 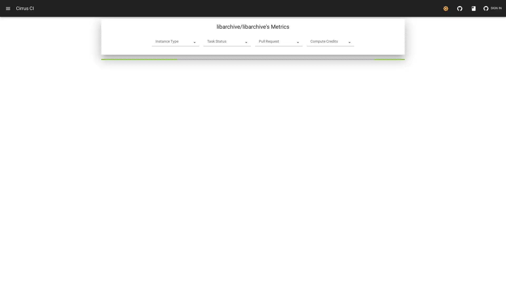 I want to click on open navigation, so click(x=8, y=8).